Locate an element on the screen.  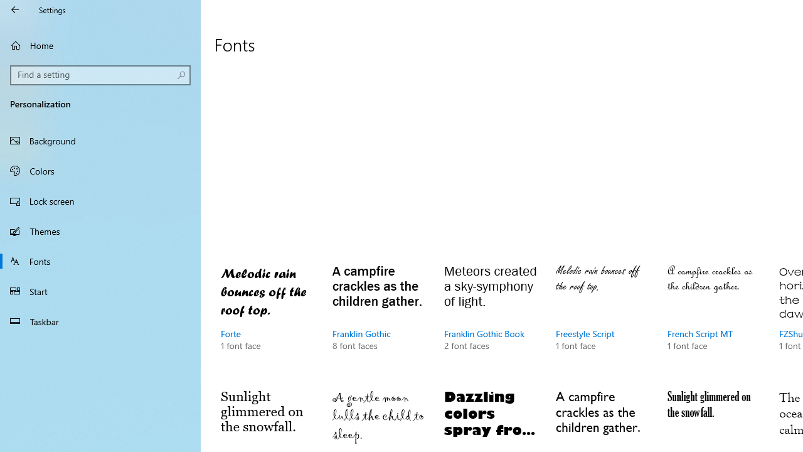
'Franklin Gothic Book, 2 font faces' is located at coordinates (491, 319).